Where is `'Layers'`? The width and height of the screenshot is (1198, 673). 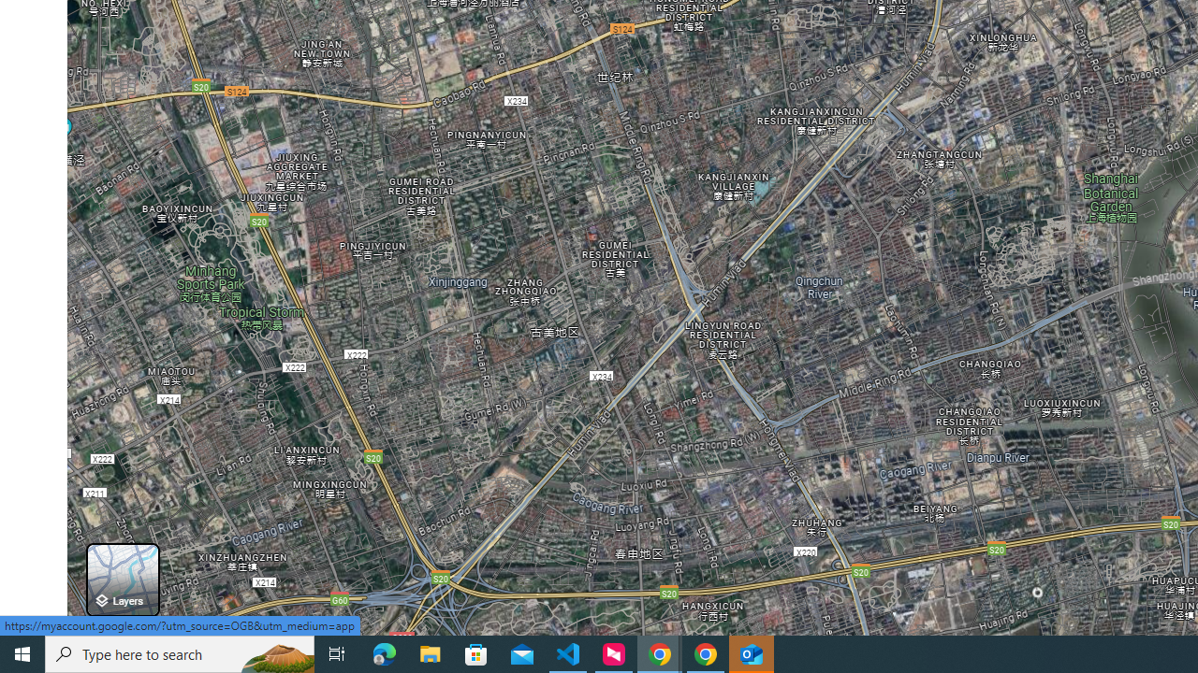
'Layers' is located at coordinates (122, 579).